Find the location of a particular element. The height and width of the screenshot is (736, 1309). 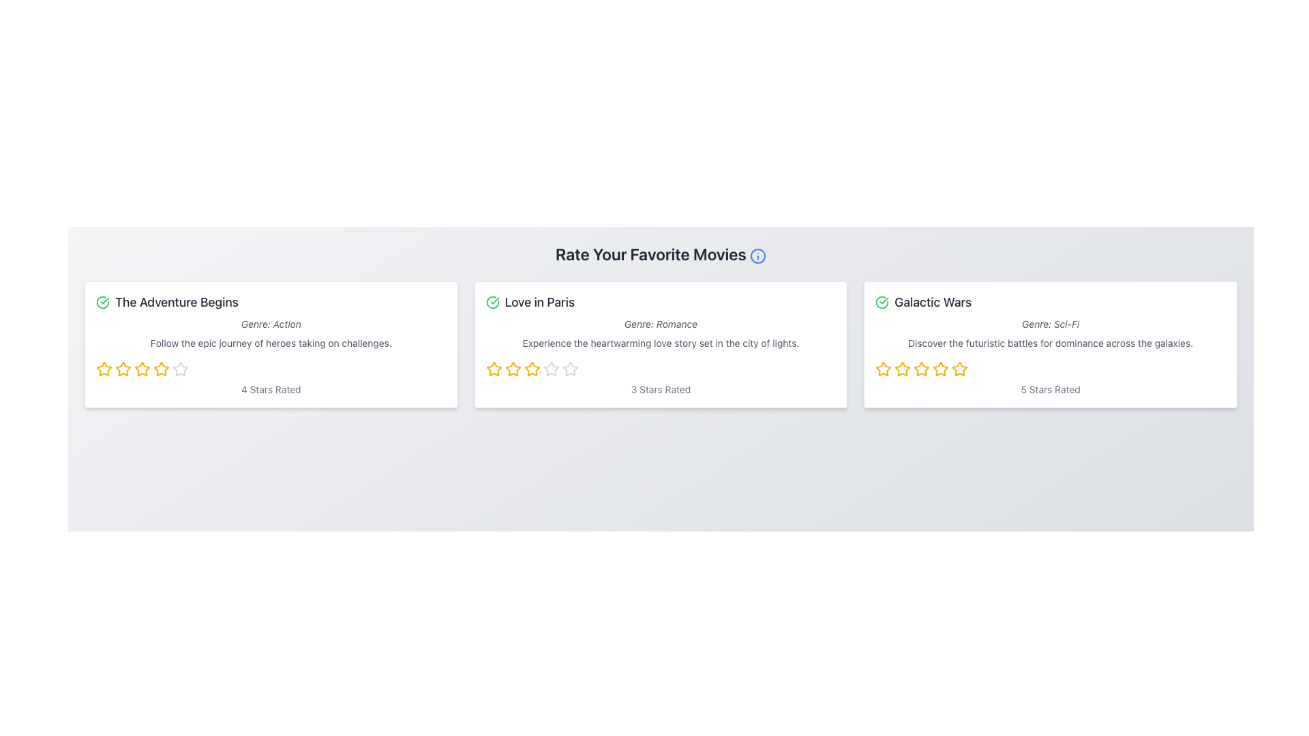

the fifth and rightmost Rating Star Icon, which is golden yellow and used for rating in the 'Galactic Wars' movie card is located at coordinates (959, 369).